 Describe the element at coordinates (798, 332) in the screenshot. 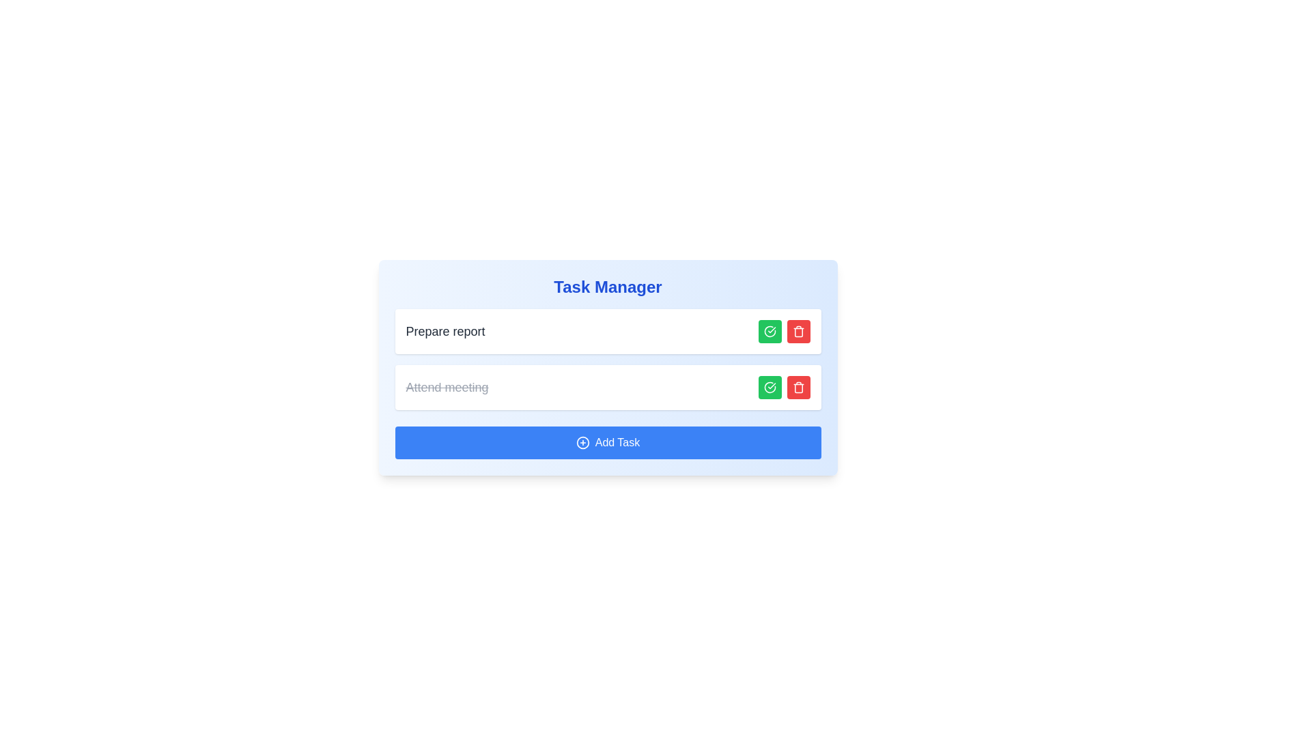

I see `the red delete button with a trash icon located on the right side of the task item row titled 'Prepare report'` at that location.